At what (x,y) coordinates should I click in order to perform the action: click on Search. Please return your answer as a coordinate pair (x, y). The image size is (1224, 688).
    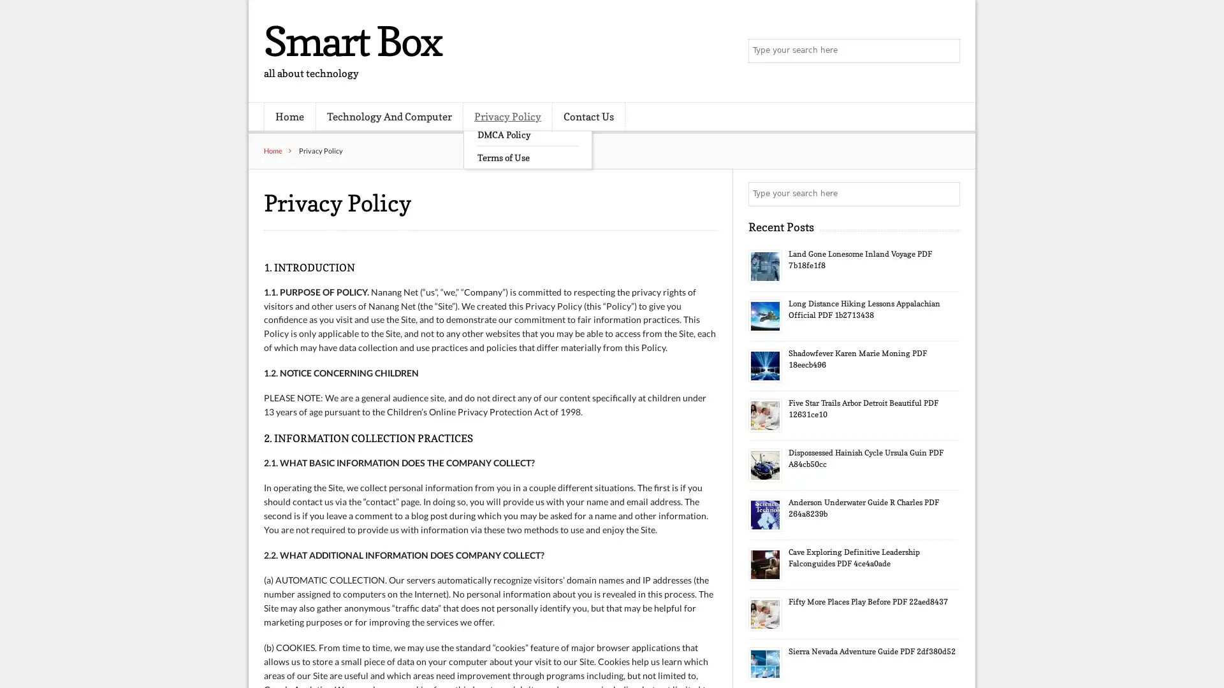
    Looking at the image, I should click on (947, 194).